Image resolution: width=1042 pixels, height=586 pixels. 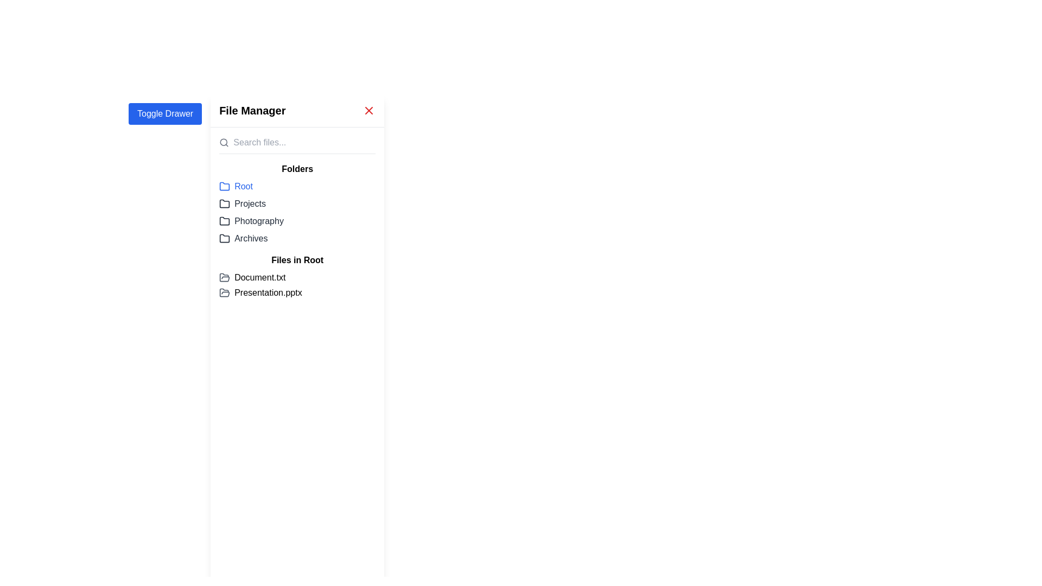 I want to click on the 'Archives' label styled in black font, which is the third item under the 'Folders' section in the navigational list, so click(x=250, y=238).